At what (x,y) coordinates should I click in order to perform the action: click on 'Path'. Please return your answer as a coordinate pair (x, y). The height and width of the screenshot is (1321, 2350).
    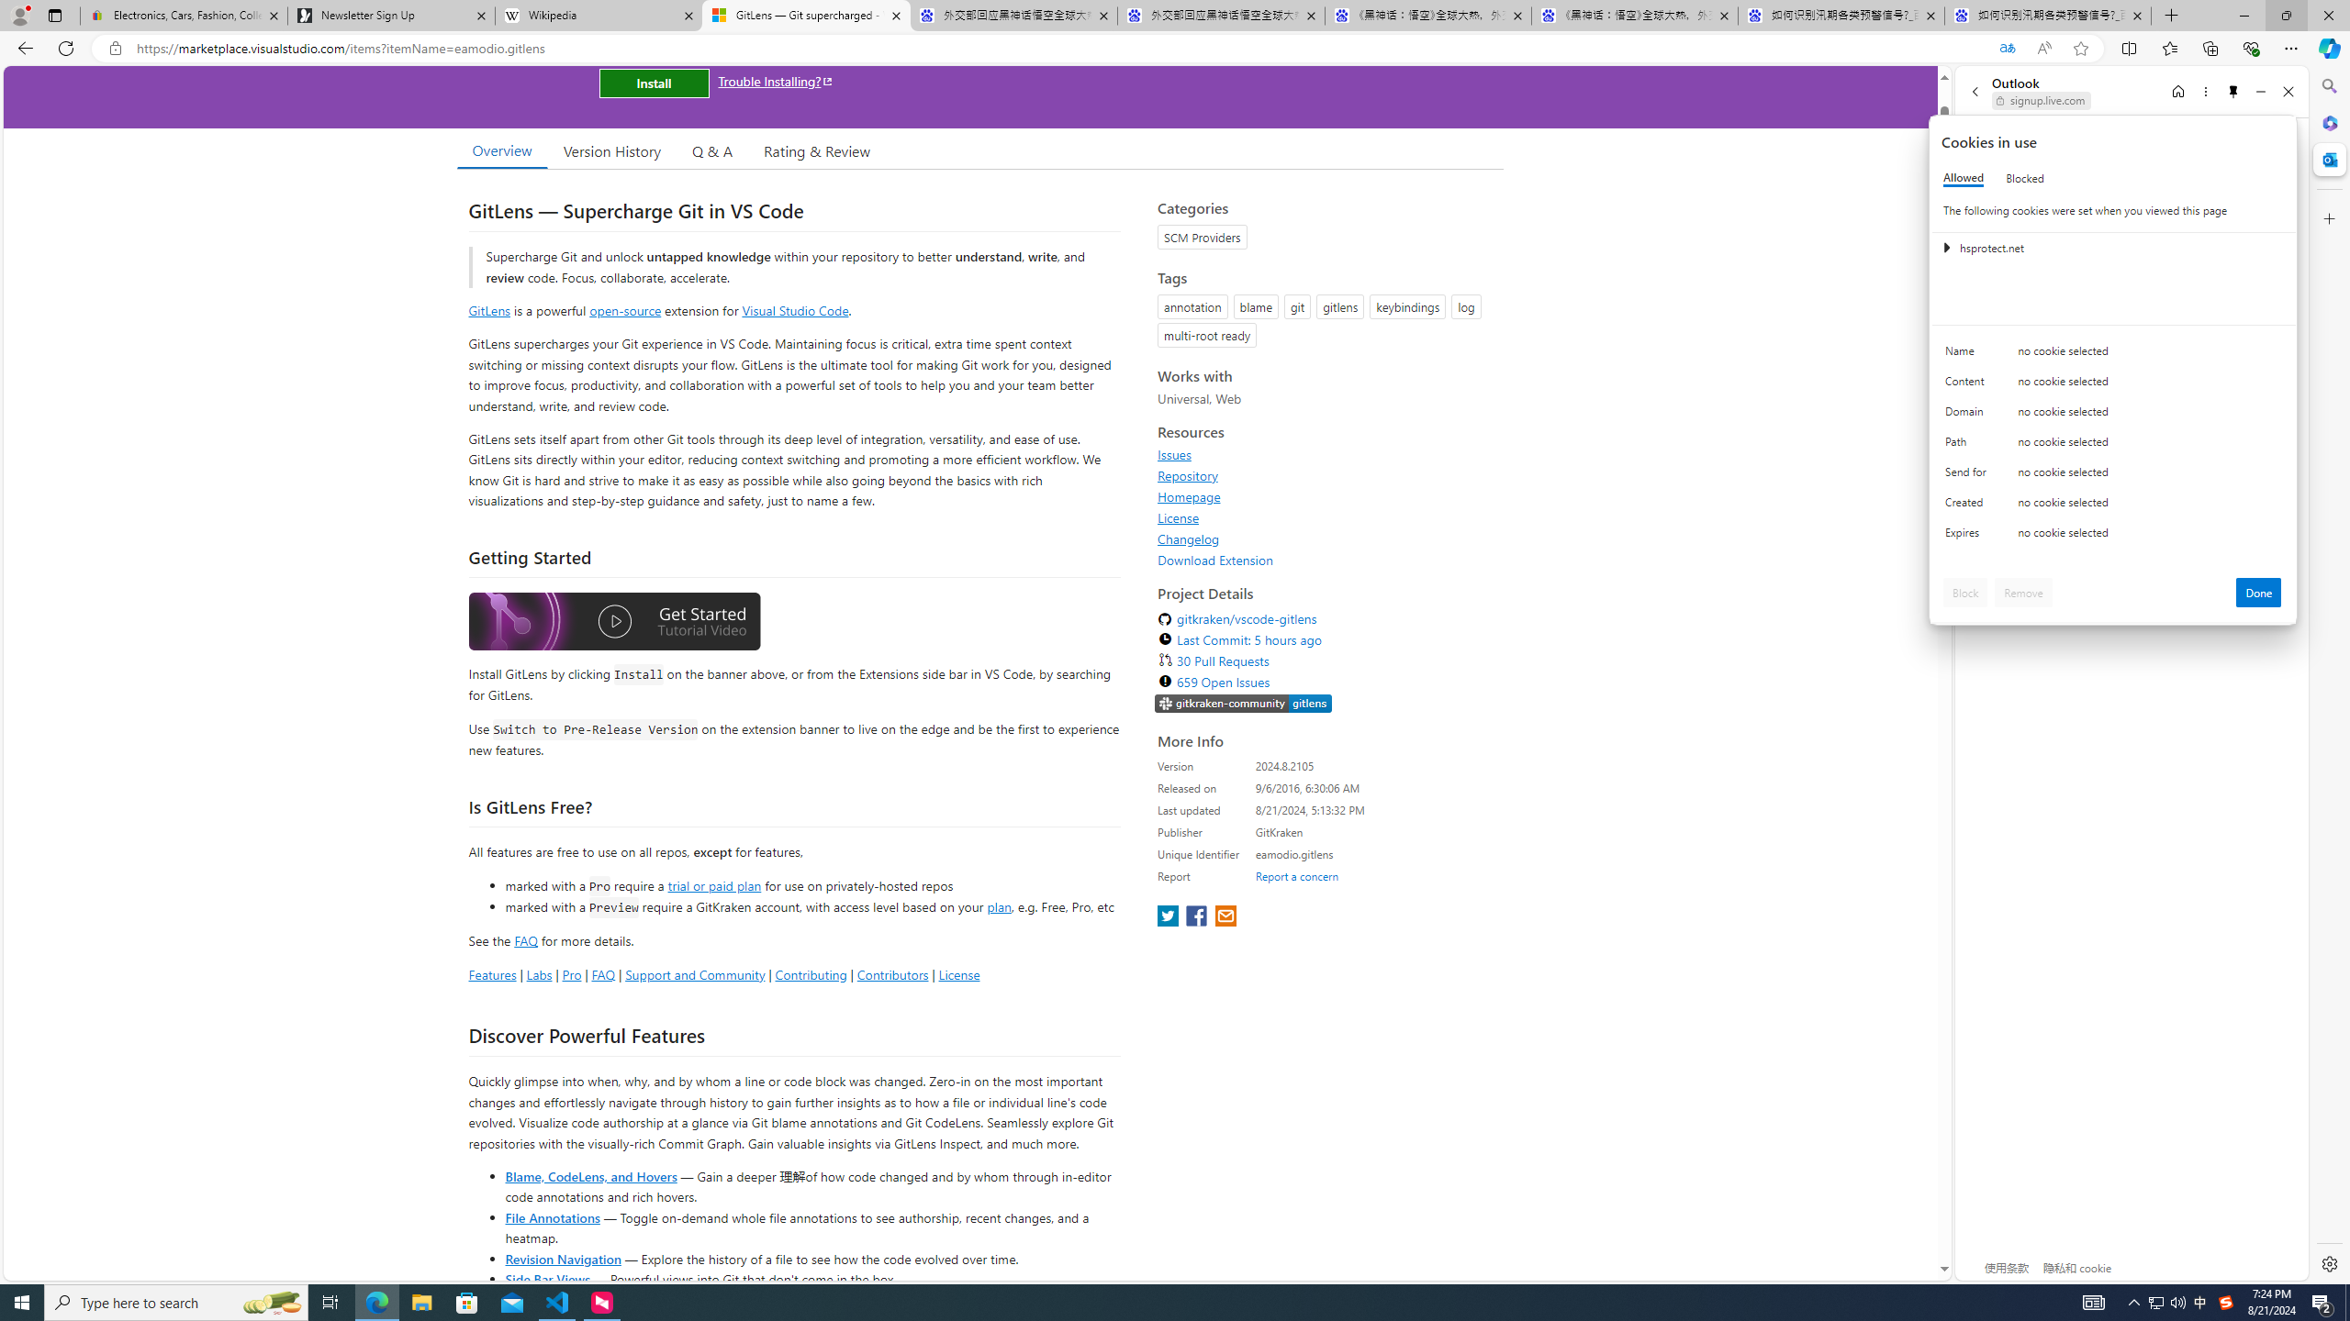
    Looking at the image, I should click on (1968, 446).